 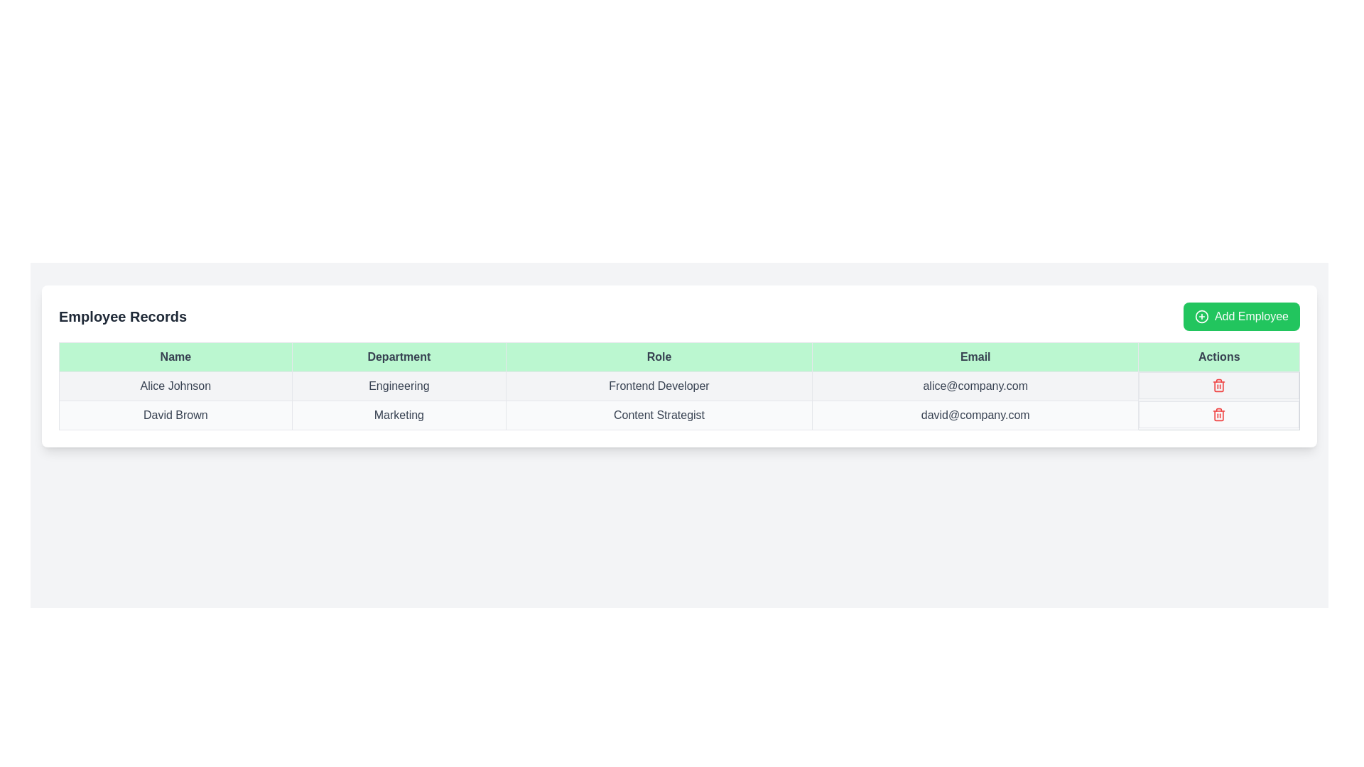 What do you see at coordinates (175, 415) in the screenshot?
I see `the text label displaying the name 'David Brown' in the first column of the second row under the 'Name' header in the employee table` at bounding box center [175, 415].